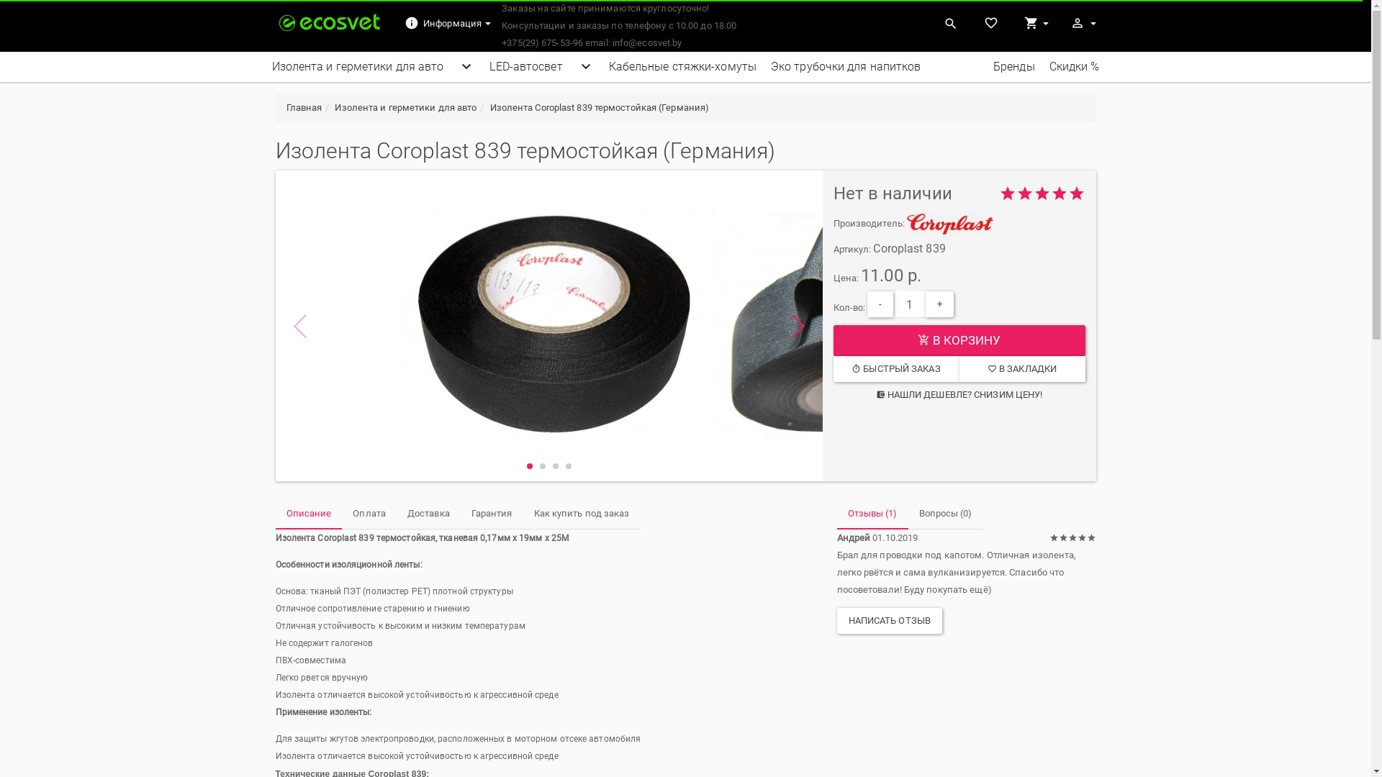  I want to click on '-', so click(880, 304).